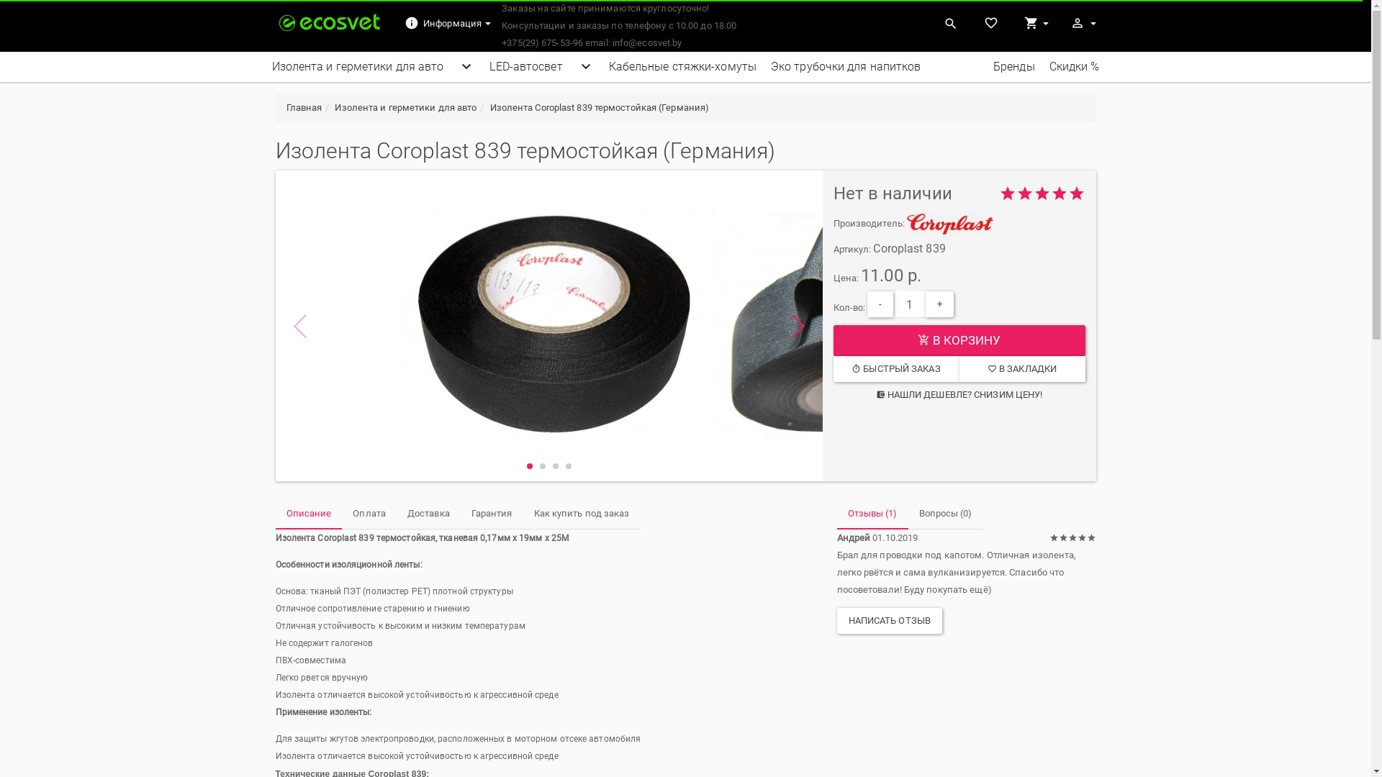  I want to click on '-', so click(880, 304).